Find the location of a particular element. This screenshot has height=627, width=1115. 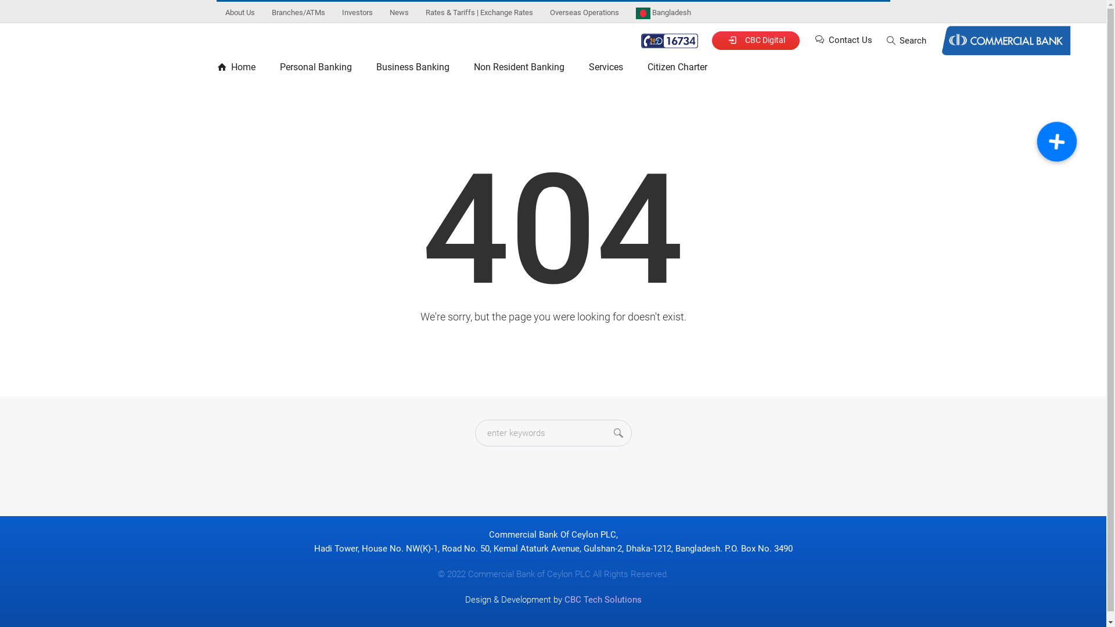

'About Us' is located at coordinates (217, 12).